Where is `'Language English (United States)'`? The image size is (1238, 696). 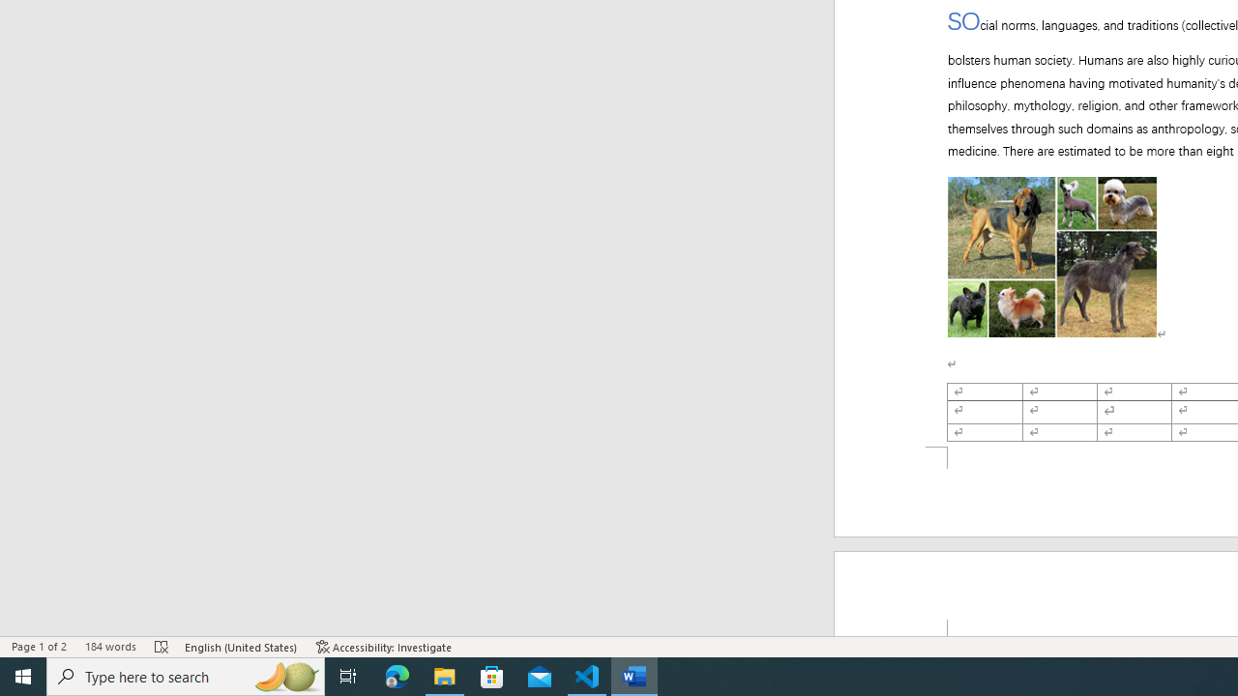
'Language English (United States)' is located at coordinates (241, 647).